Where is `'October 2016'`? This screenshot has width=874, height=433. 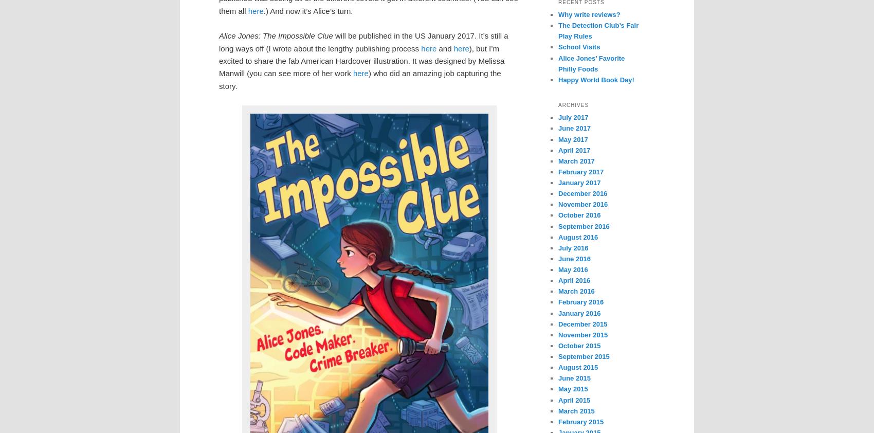
'October 2016' is located at coordinates (579, 215).